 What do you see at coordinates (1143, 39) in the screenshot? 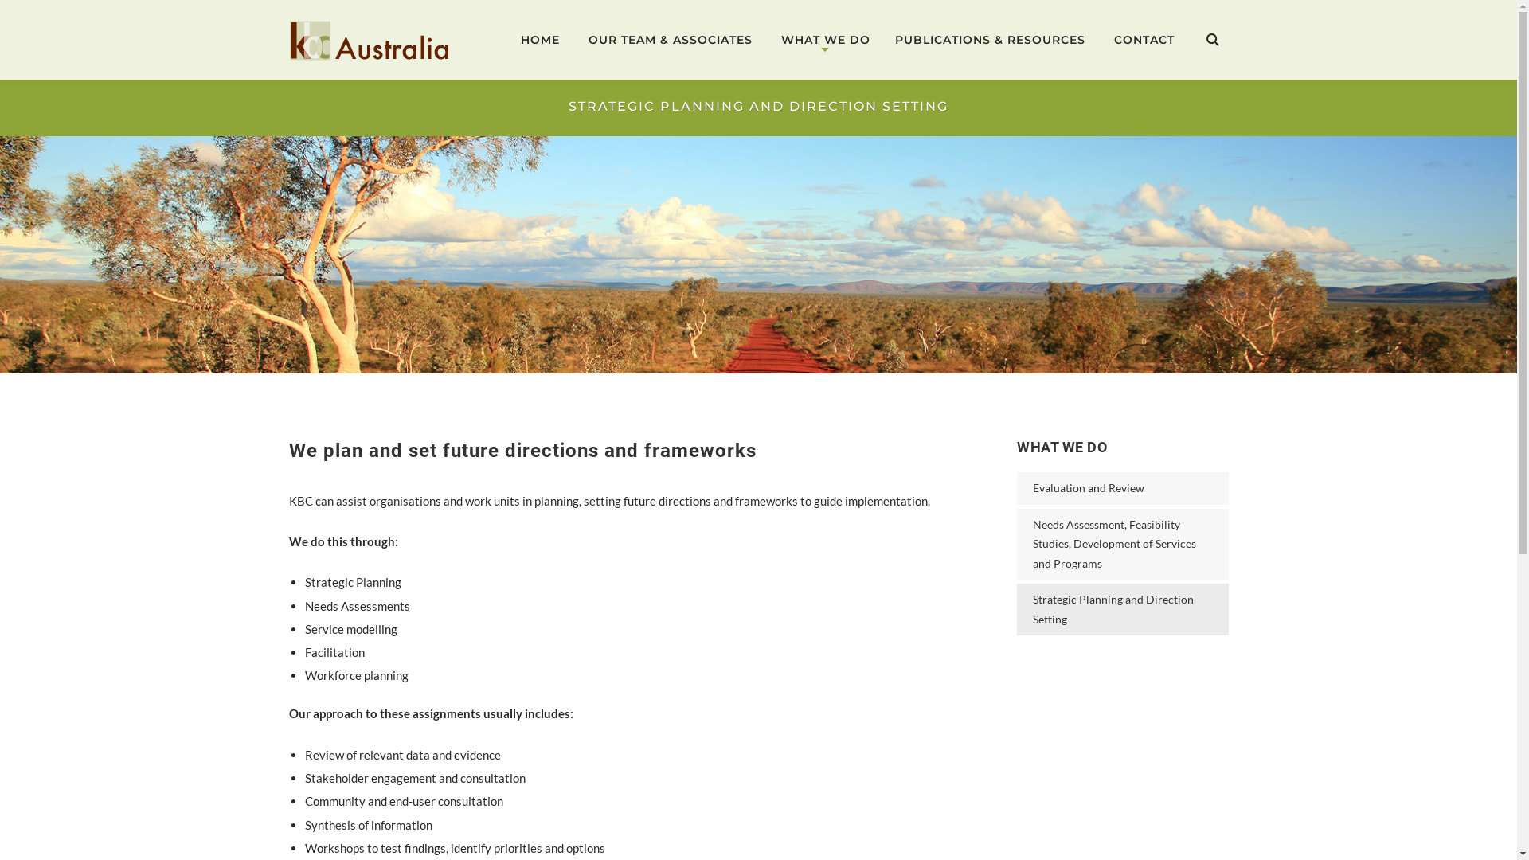
I see `'CONTACT'` at bounding box center [1143, 39].